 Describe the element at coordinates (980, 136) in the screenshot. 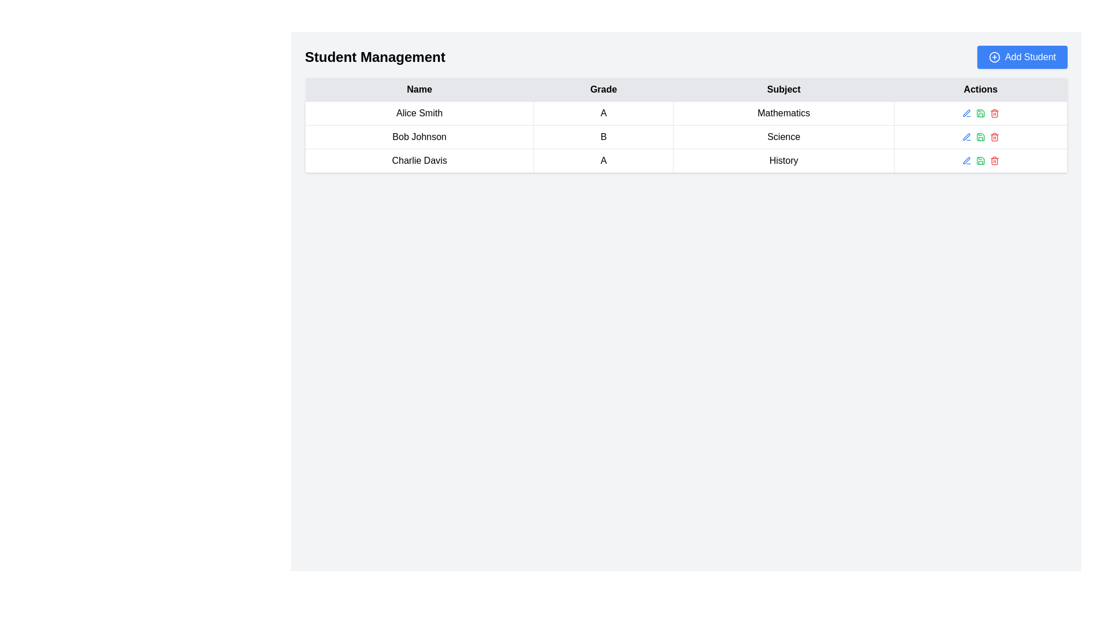

I see `the action buttons` at that location.